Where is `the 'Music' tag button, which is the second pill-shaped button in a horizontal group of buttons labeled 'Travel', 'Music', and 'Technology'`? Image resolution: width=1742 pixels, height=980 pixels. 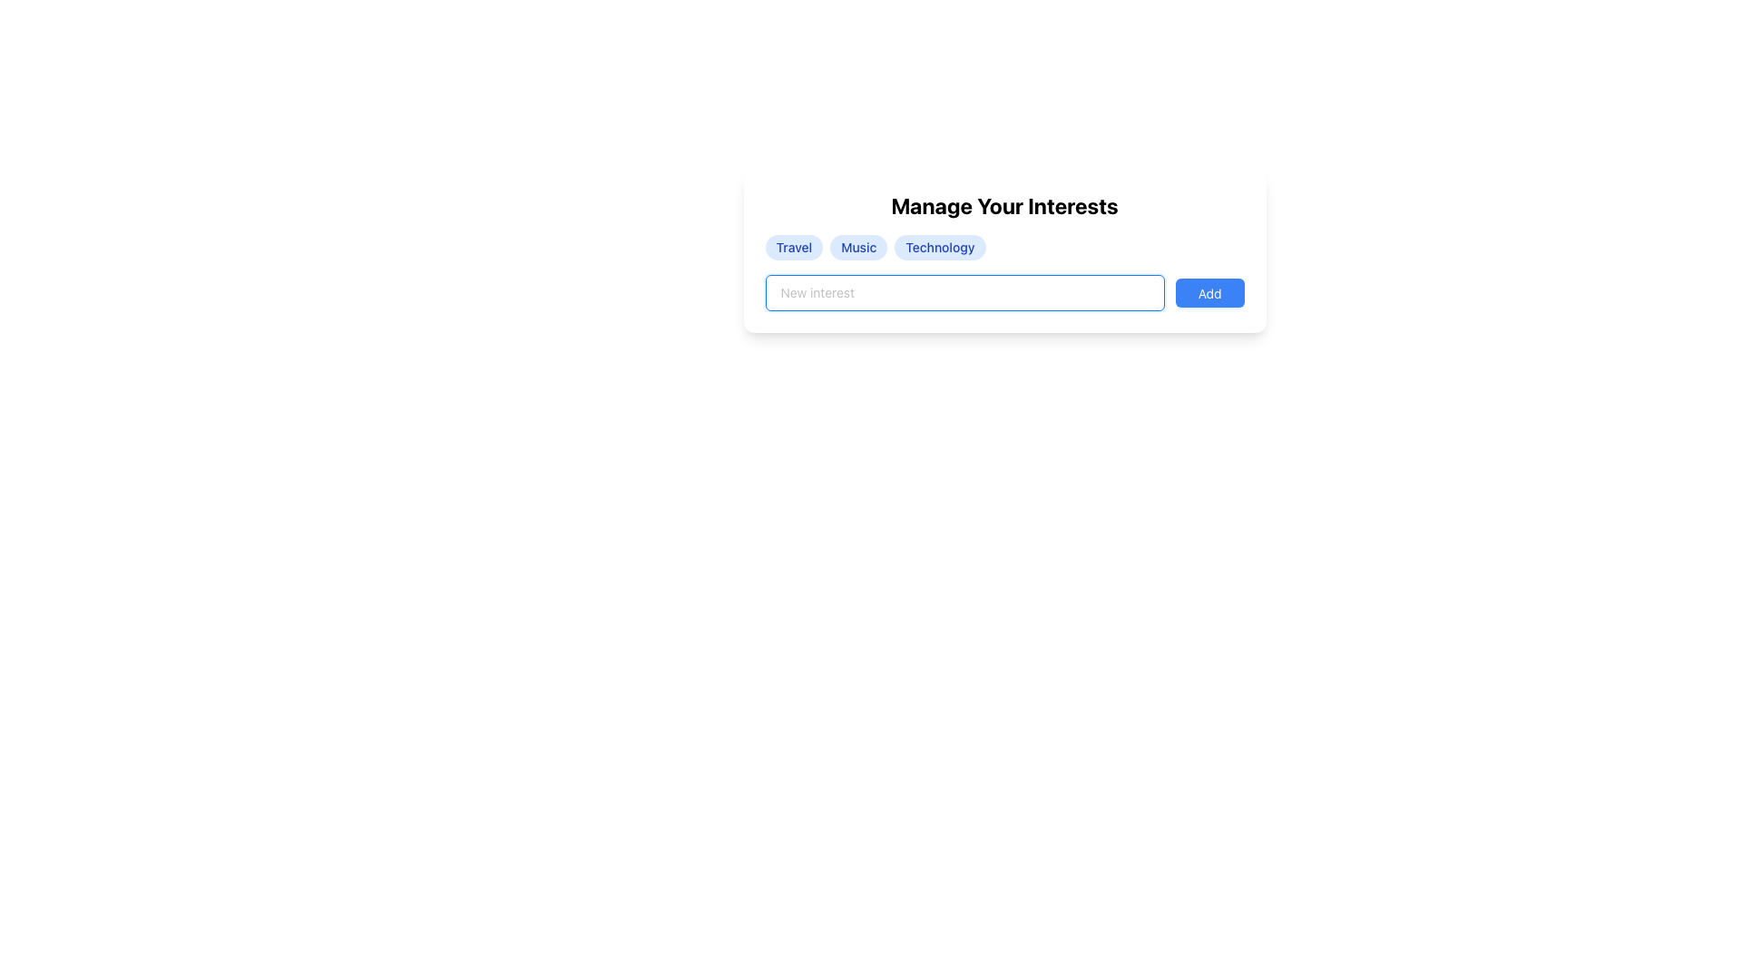
the 'Music' tag button, which is the second pill-shaped button in a horizontal group of buttons labeled 'Travel', 'Music', and 'Technology' is located at coordinates (857, 248).